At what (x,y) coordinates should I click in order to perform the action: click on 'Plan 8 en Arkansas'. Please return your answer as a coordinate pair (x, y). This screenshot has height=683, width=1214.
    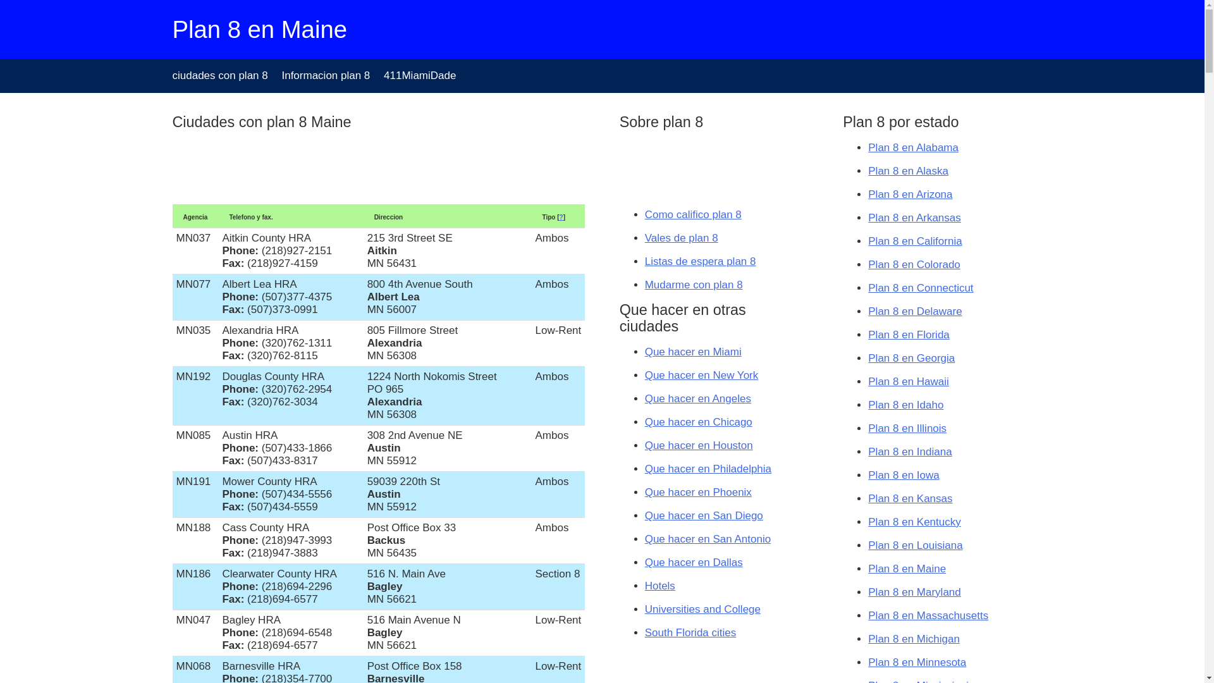
    Looking at the image, I should click on (914, 217).